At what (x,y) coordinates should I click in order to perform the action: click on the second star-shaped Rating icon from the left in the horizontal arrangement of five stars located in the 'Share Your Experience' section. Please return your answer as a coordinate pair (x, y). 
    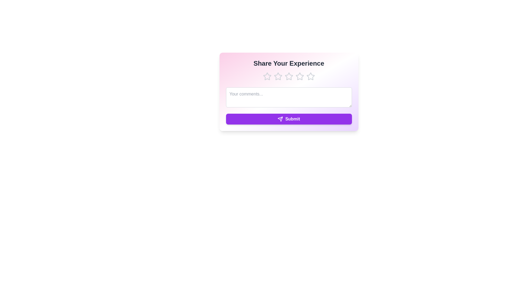
    Looking at the image, I should click on (288, 76).